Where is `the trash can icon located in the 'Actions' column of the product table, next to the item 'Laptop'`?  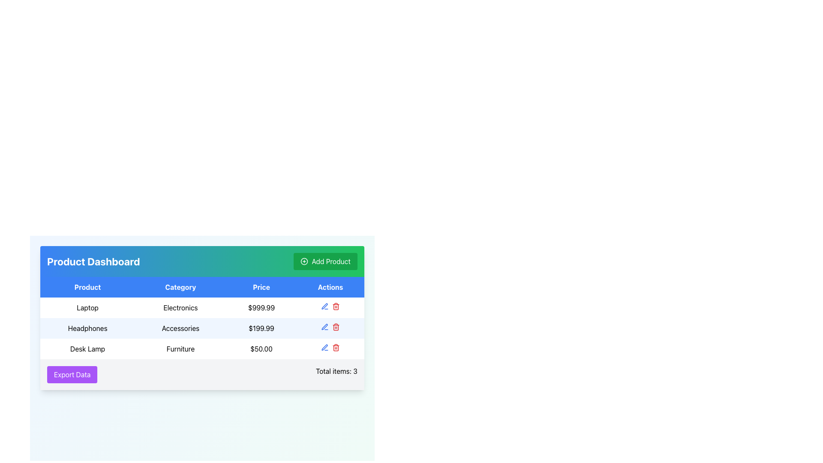
the trash can icon located in the 'Actions' column of the product table, next to the item 'Laptop' is located at coordinates (336, 348).